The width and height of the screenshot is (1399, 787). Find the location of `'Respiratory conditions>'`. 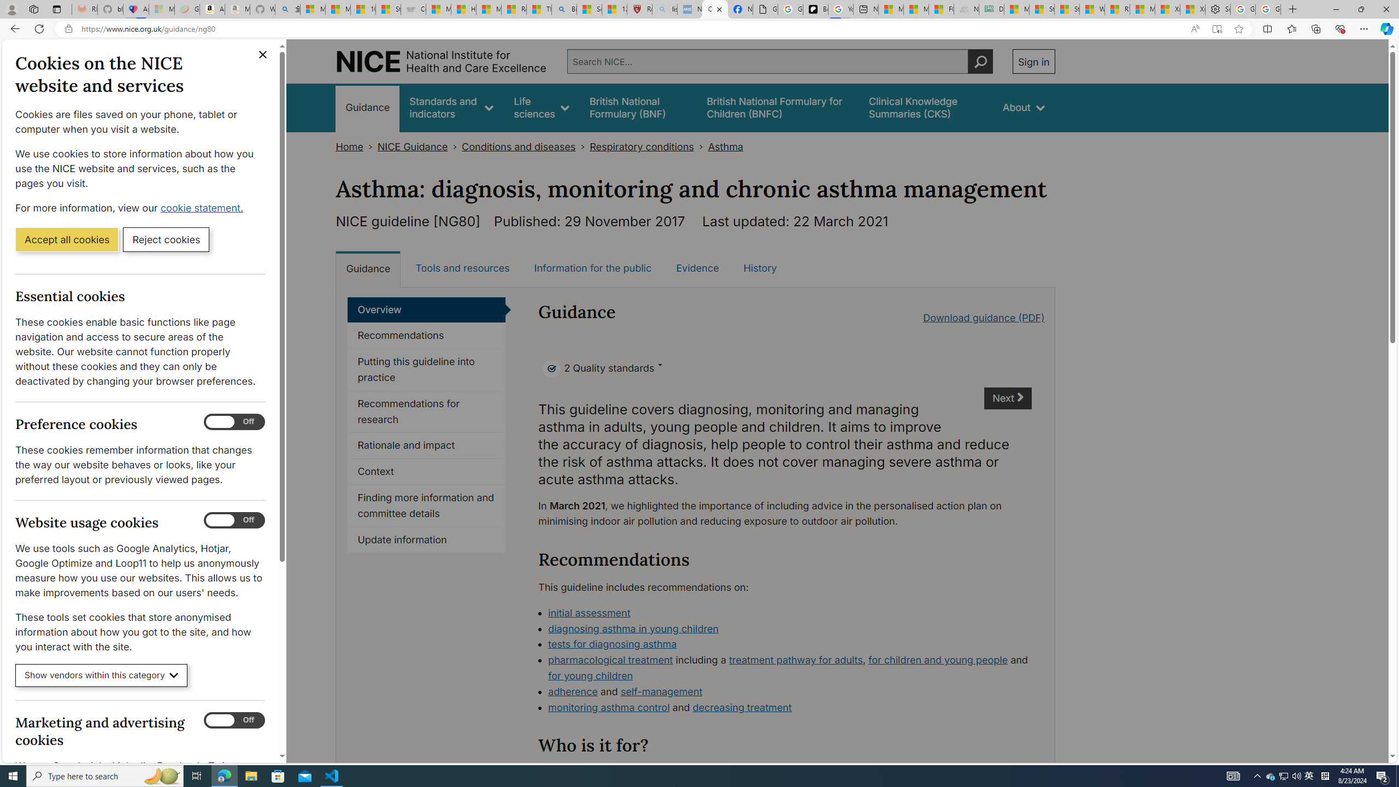

'Respiratory conditions>' is located at coordinates (648, 146).